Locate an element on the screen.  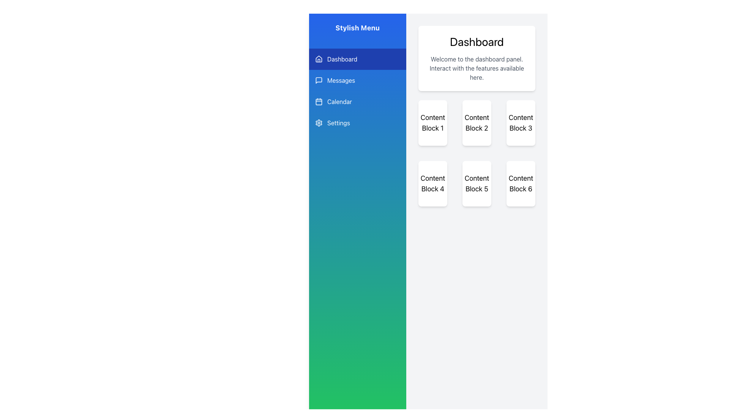
the 'Messages' option in the sidebar menu, which has a gradient background from blue to green and is located between 'Dashboard' and 'Calendar' is located at coordinates (357, 87).